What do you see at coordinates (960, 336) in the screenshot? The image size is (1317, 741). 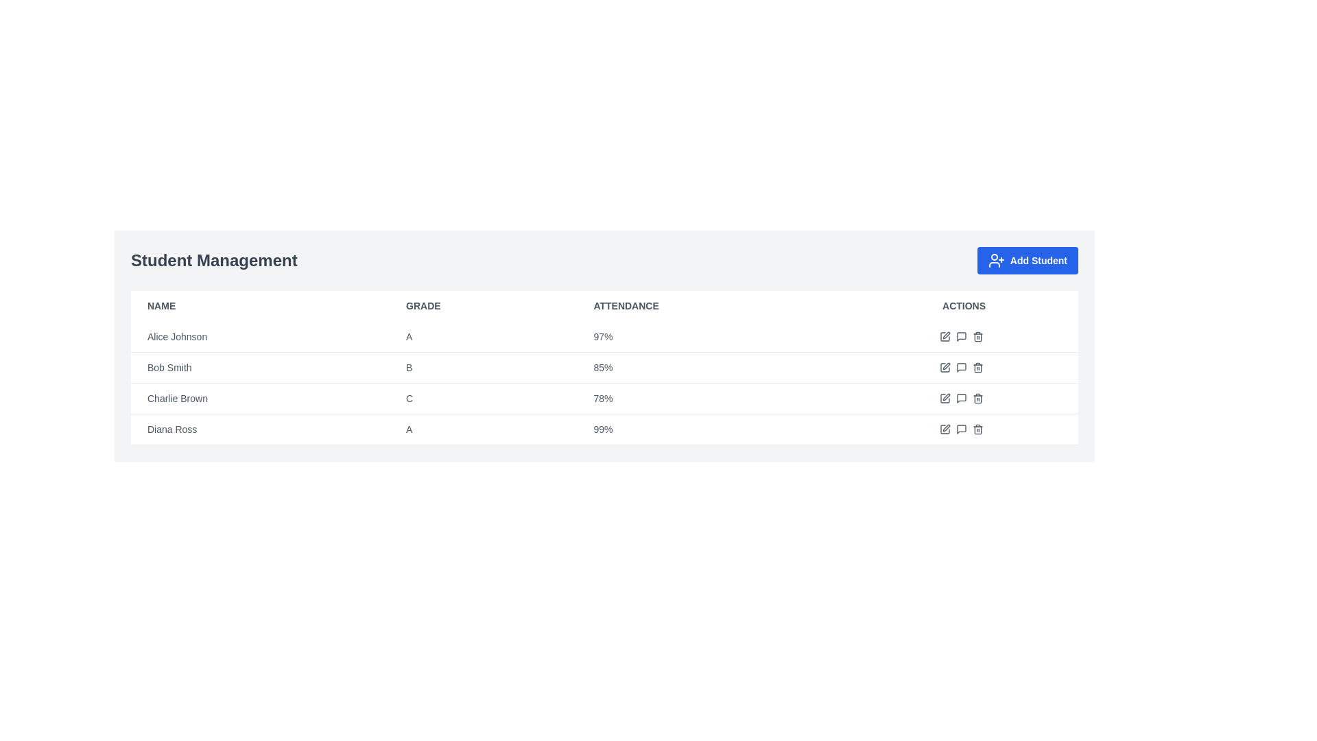 I see `the speech bubble icon located in the 'Actions' column of the table row for Bob Smith` at bounding box center [960, 336].